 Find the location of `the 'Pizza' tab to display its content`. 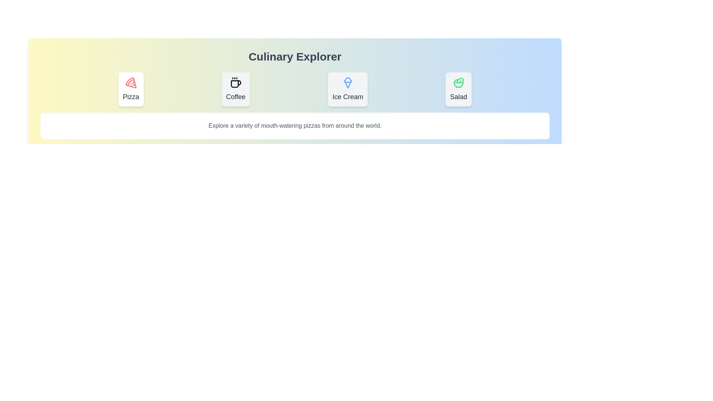

the 'Pizza' tab to display its content is located at coordinates (131, 89).